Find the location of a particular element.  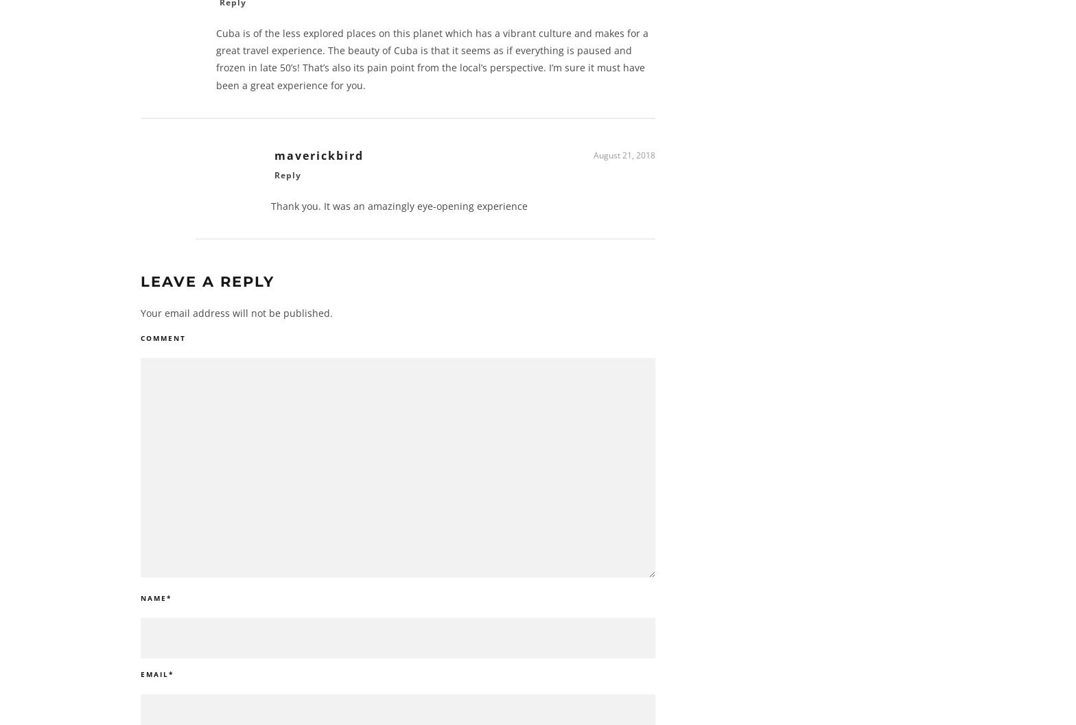

'maverickbird' is located at coordinates (274, 160).